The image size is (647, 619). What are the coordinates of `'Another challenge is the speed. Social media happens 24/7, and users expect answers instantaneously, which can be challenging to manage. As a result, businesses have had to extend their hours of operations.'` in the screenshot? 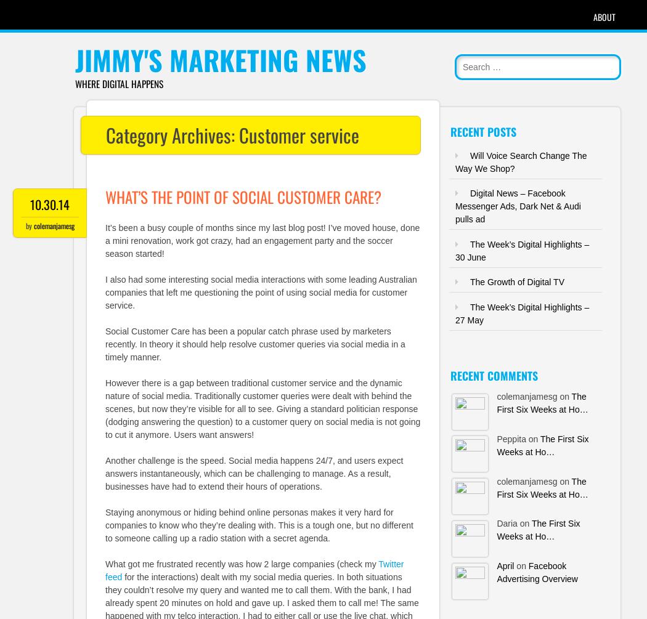 It's located at (254, 473).